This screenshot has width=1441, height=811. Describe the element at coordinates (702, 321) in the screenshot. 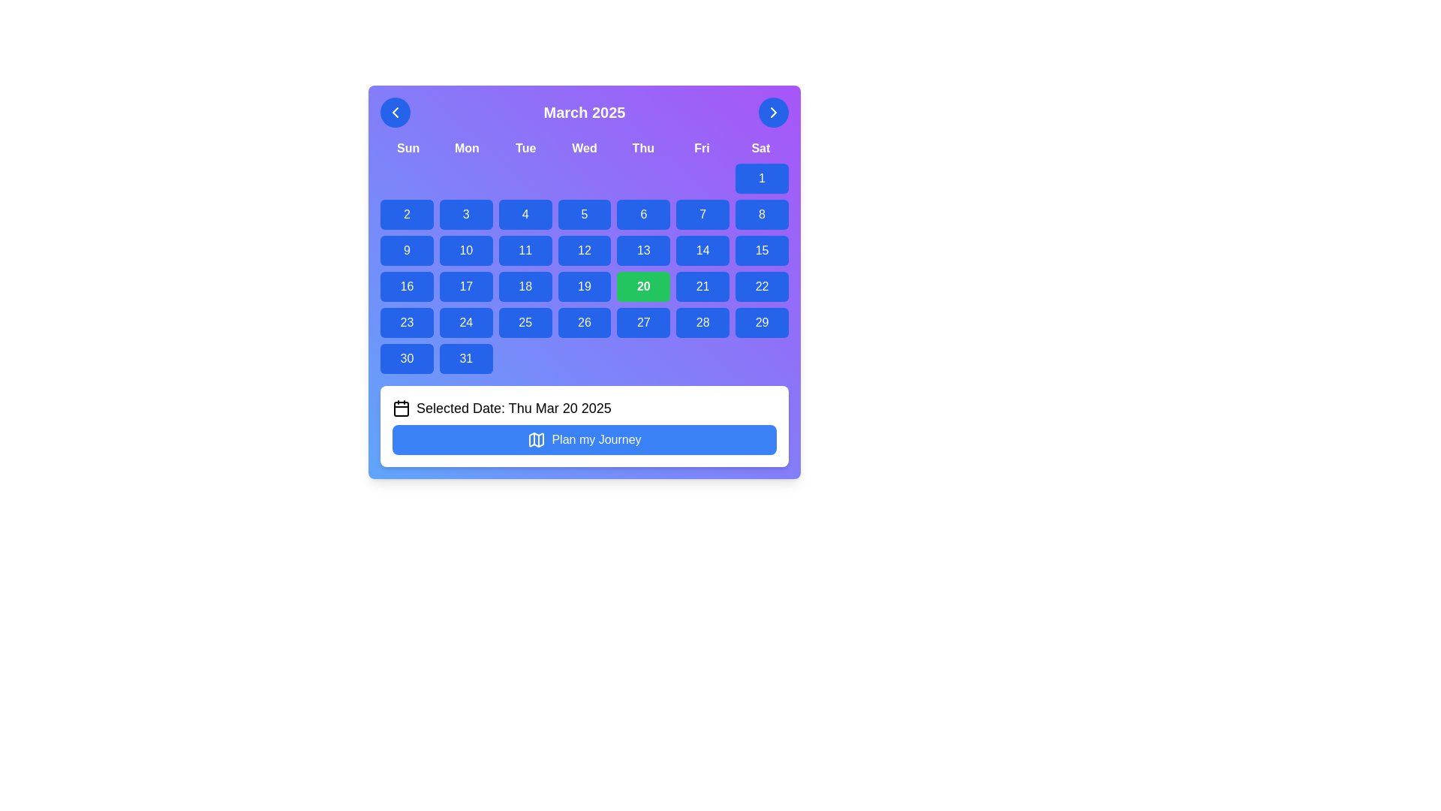

I see `the button` at that location.